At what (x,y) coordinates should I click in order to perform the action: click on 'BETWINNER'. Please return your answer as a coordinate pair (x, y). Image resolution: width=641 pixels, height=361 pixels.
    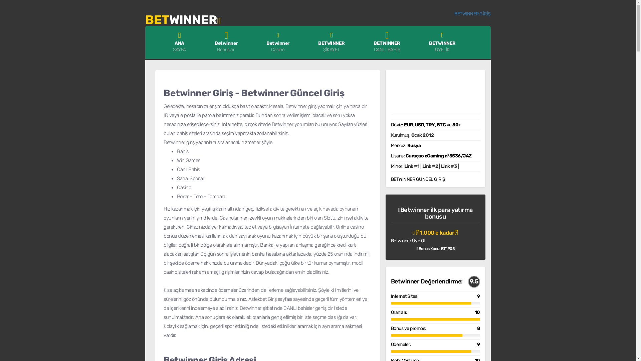
    Looking at the image, I should click on (183, 18).